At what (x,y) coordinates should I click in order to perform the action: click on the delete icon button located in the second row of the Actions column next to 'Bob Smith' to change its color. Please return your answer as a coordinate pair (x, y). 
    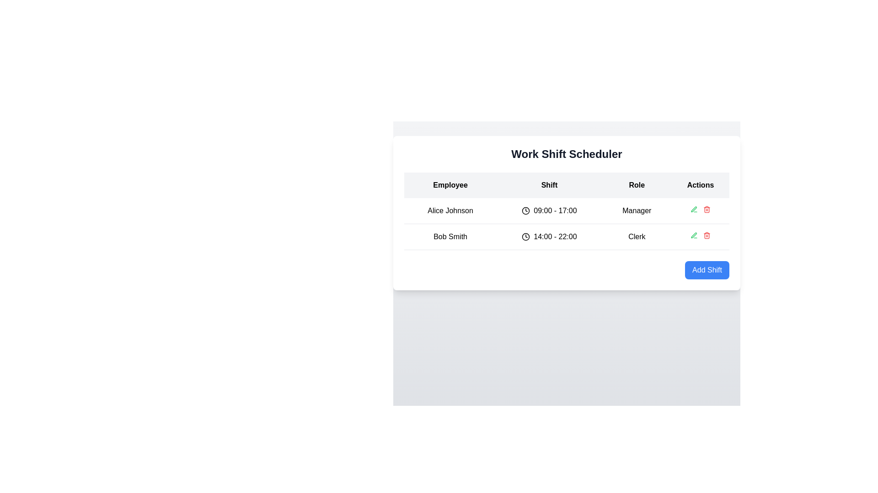
    Looking at the image, I should click on (706, 235).